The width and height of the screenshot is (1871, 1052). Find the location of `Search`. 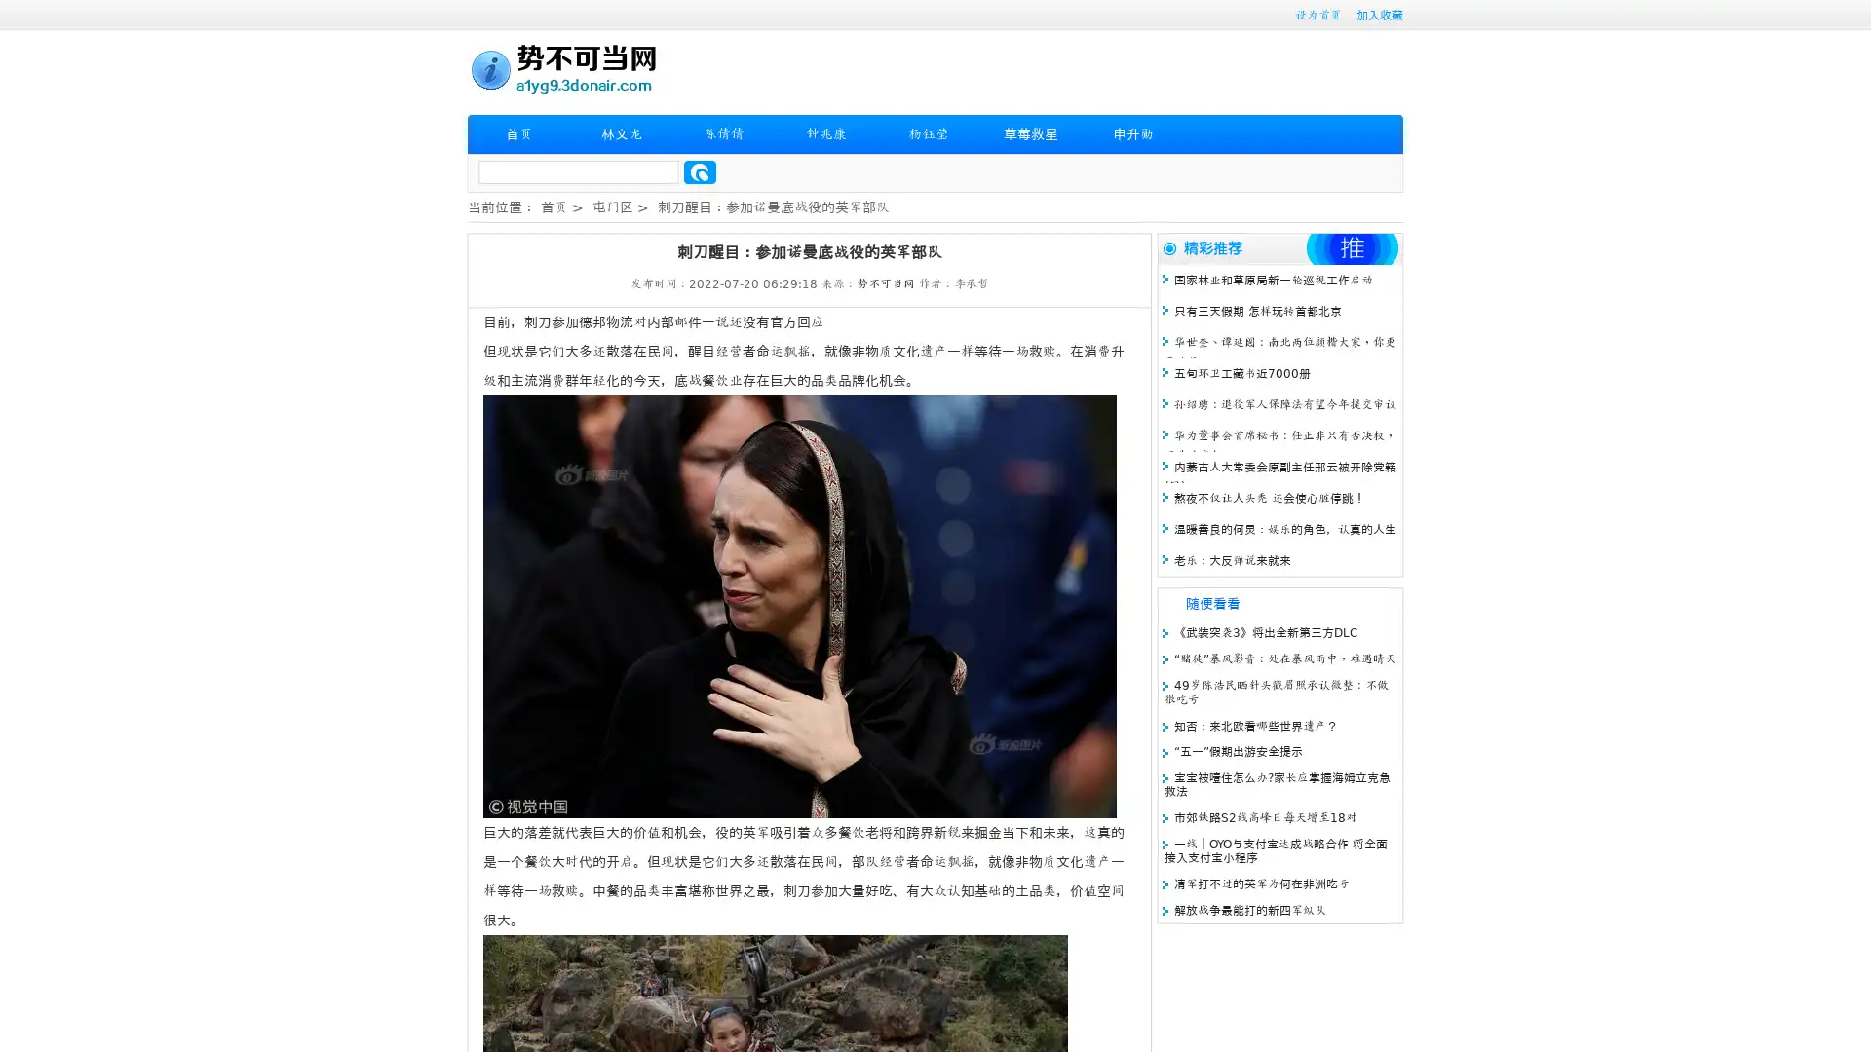

Search is located at coordinates (700, 171).